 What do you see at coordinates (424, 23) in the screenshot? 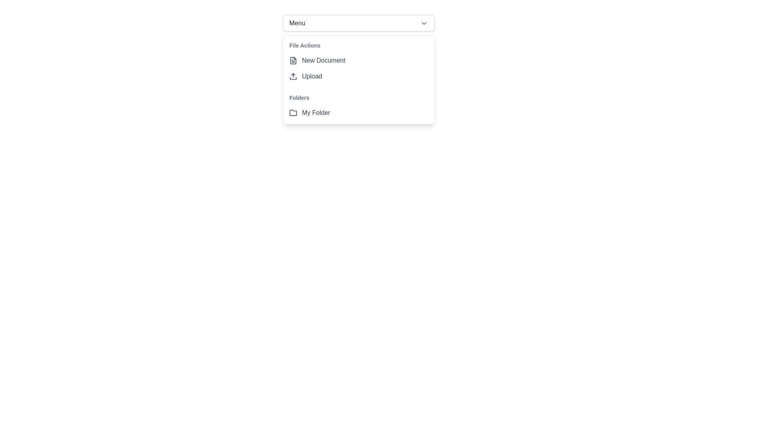
I see `the chevron-down icon located beside the 'Menu' text` at bounding box center [424, 23].